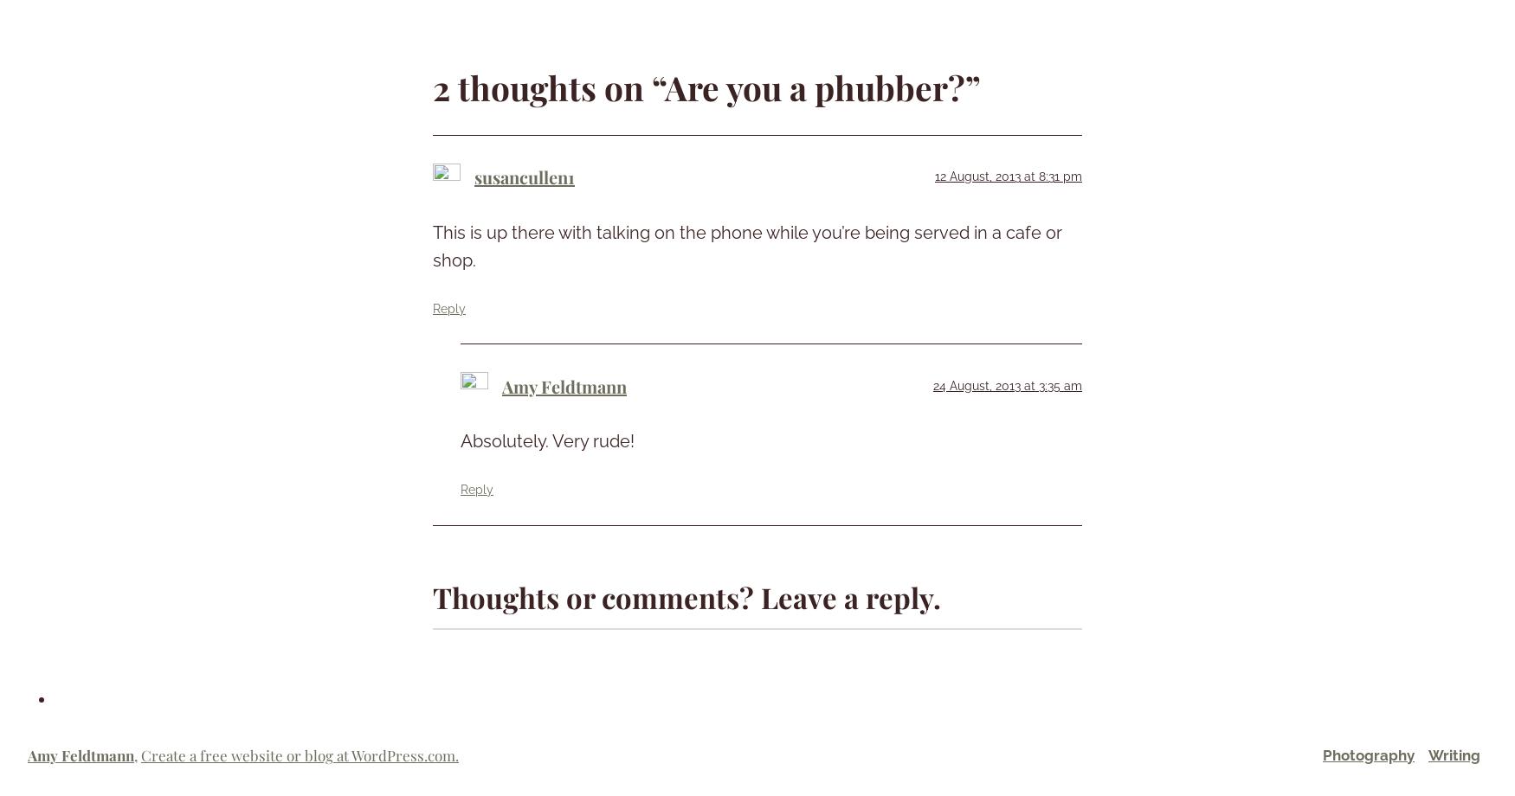 This screenshot has width=1515, height=796. What do you see at coordinates (134, 754) in the screenshot?
I see `','` at bounding box center [134, 754].